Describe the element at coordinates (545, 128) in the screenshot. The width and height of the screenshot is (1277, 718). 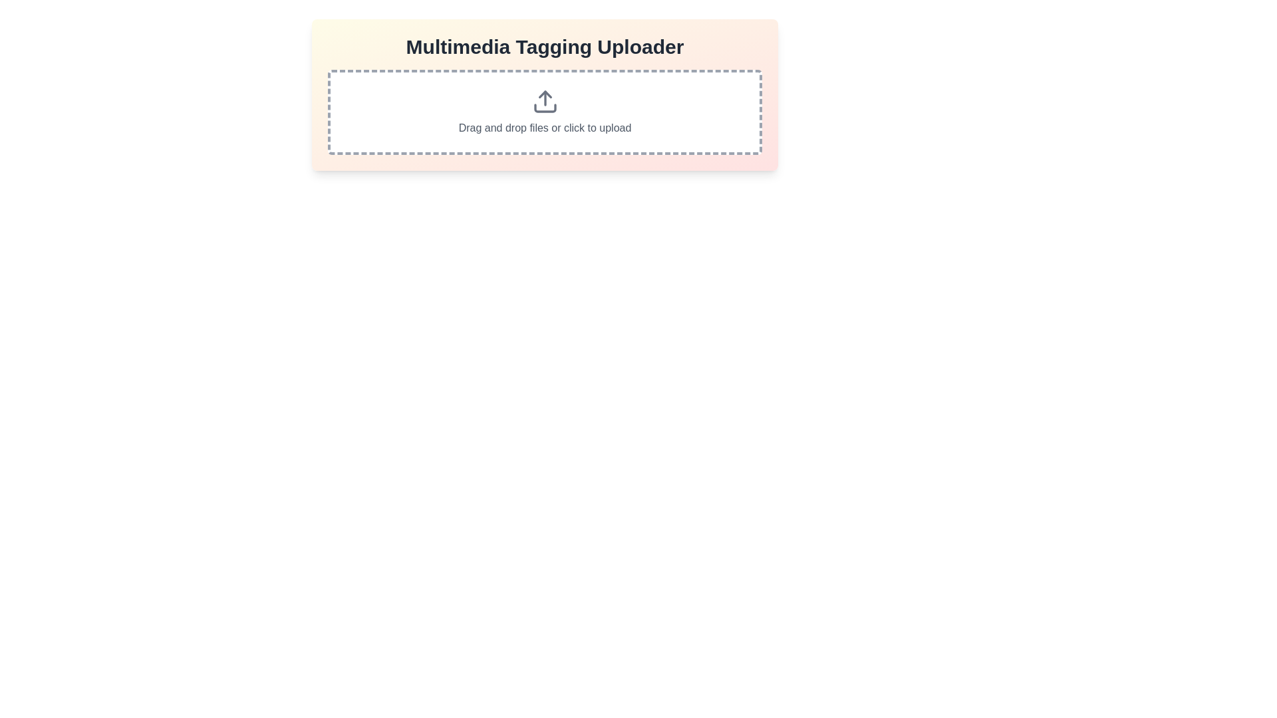
I see `informational label that says 'Drag and drop files or click to upload', which is styled with a gray font color and positioned within a dashed rectangular area for file uploads` at that location.